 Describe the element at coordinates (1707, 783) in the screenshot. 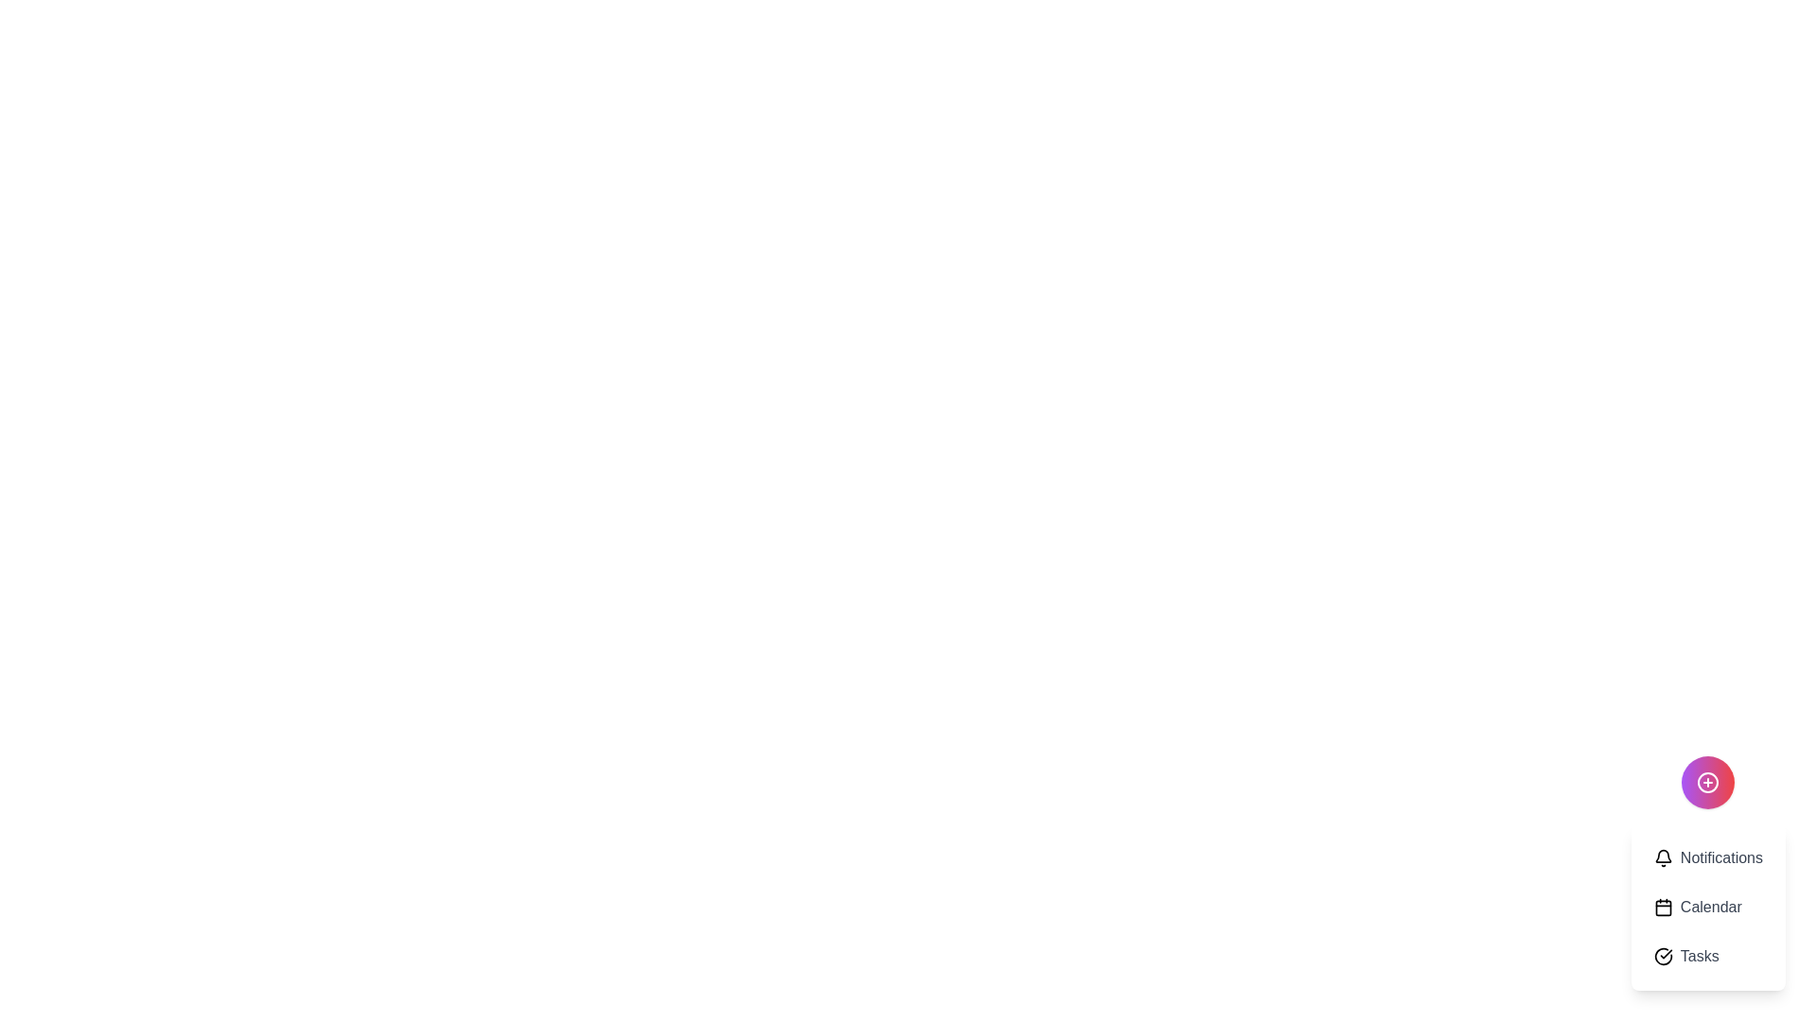

I see `the main button to toggle the visibility of the menu` at that location.